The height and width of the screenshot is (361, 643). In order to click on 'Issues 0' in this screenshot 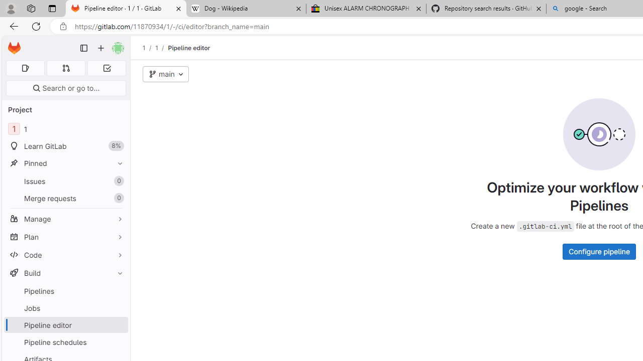, I will do `click(65, 181)`.